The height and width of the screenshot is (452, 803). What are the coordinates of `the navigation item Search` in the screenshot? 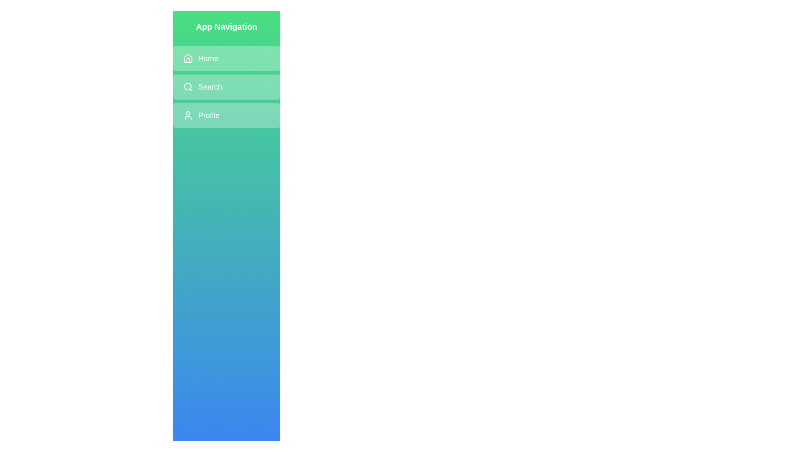 It's located at (227, 87).